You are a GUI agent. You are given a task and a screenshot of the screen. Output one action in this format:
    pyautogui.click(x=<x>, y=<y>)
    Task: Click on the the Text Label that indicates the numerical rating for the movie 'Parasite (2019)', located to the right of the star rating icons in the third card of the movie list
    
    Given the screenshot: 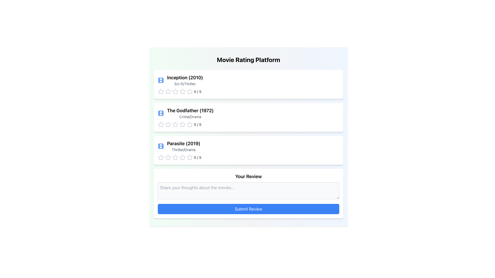 What is the action you would take?
    pyautogui.click(x=197, y=157)
    